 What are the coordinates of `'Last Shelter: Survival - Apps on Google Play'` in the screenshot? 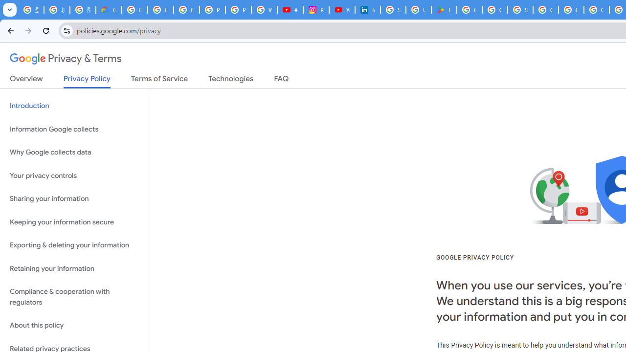 It's located at (444, 10).